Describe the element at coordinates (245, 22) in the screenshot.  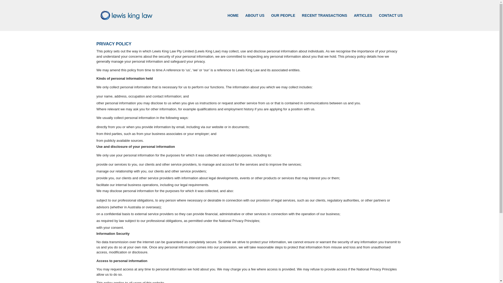
I see `'ABOUT US'` at that location.